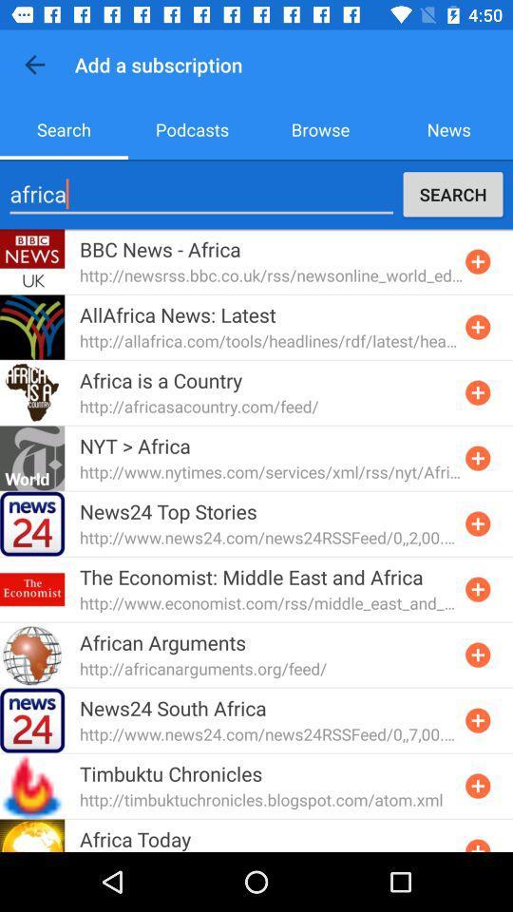  I want to click on subscription, so click(477, 655).